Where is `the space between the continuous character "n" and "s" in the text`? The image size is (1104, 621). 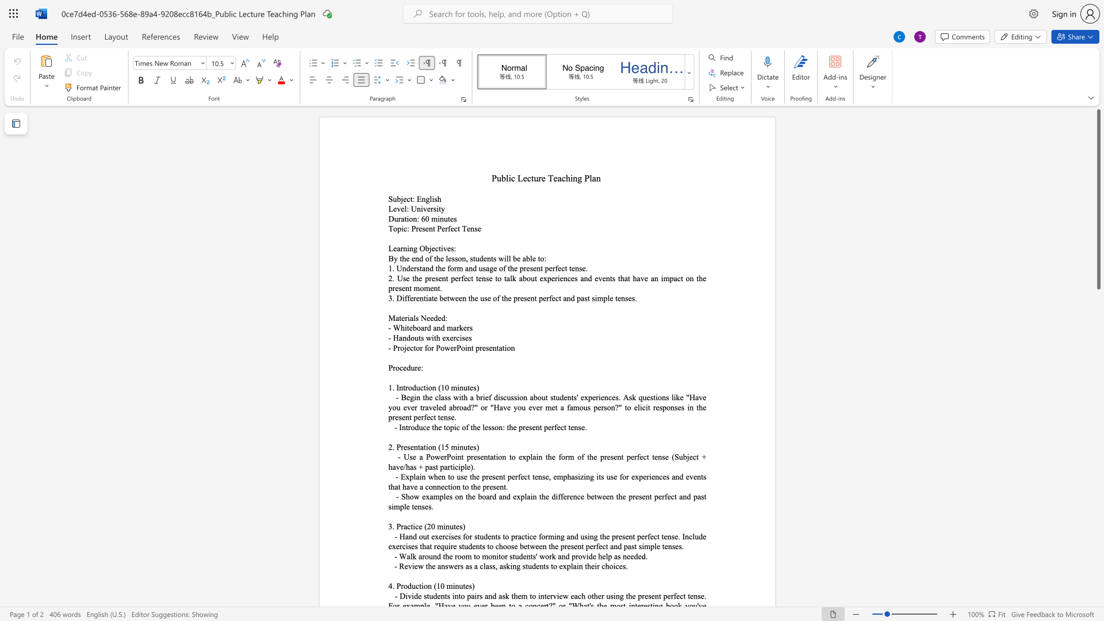
the space between the continuous character "n" and "s" in the text is located at coordinates (661, 456).